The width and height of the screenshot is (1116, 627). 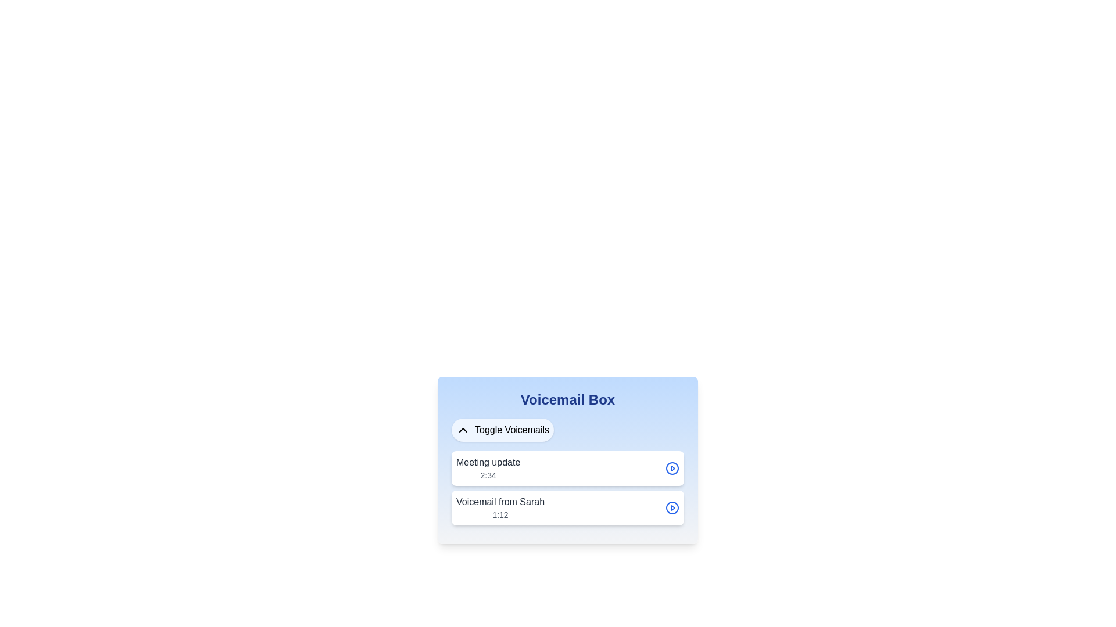 I want to click on voicemail message from 'Sarah' with a duration of '1:12' located in the leftmost text block under the 'Voicemail Box' title, so click(x=500, y=507).